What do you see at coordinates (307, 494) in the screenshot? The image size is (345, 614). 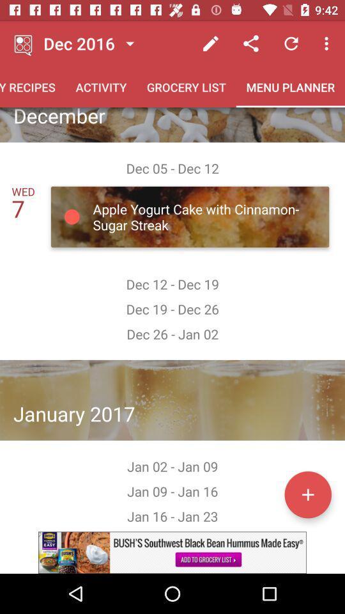 I see `new entry` at bounding box center [307, 494].